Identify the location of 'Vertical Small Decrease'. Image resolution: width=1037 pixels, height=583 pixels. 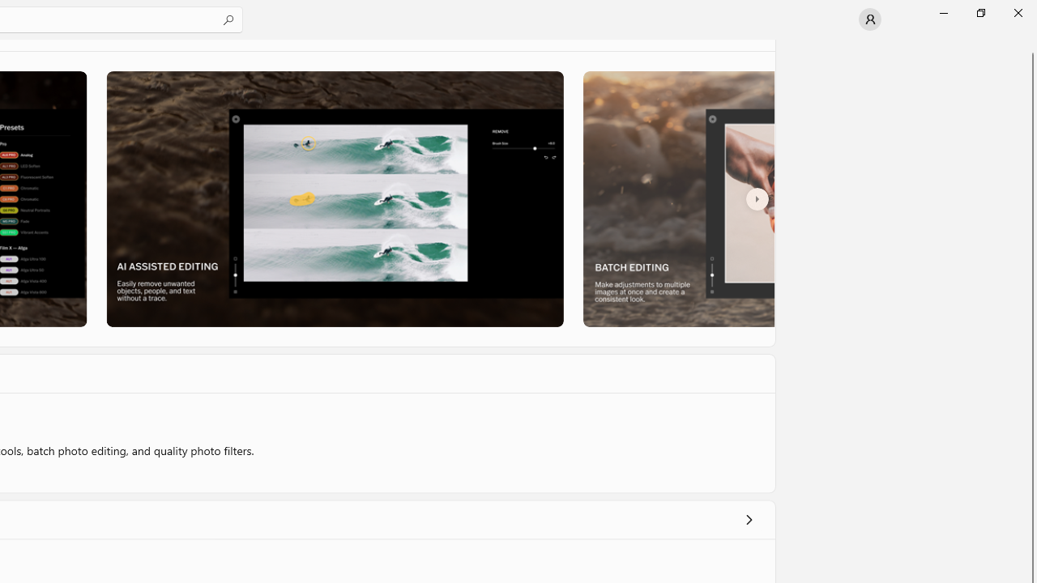
(1030, 44).